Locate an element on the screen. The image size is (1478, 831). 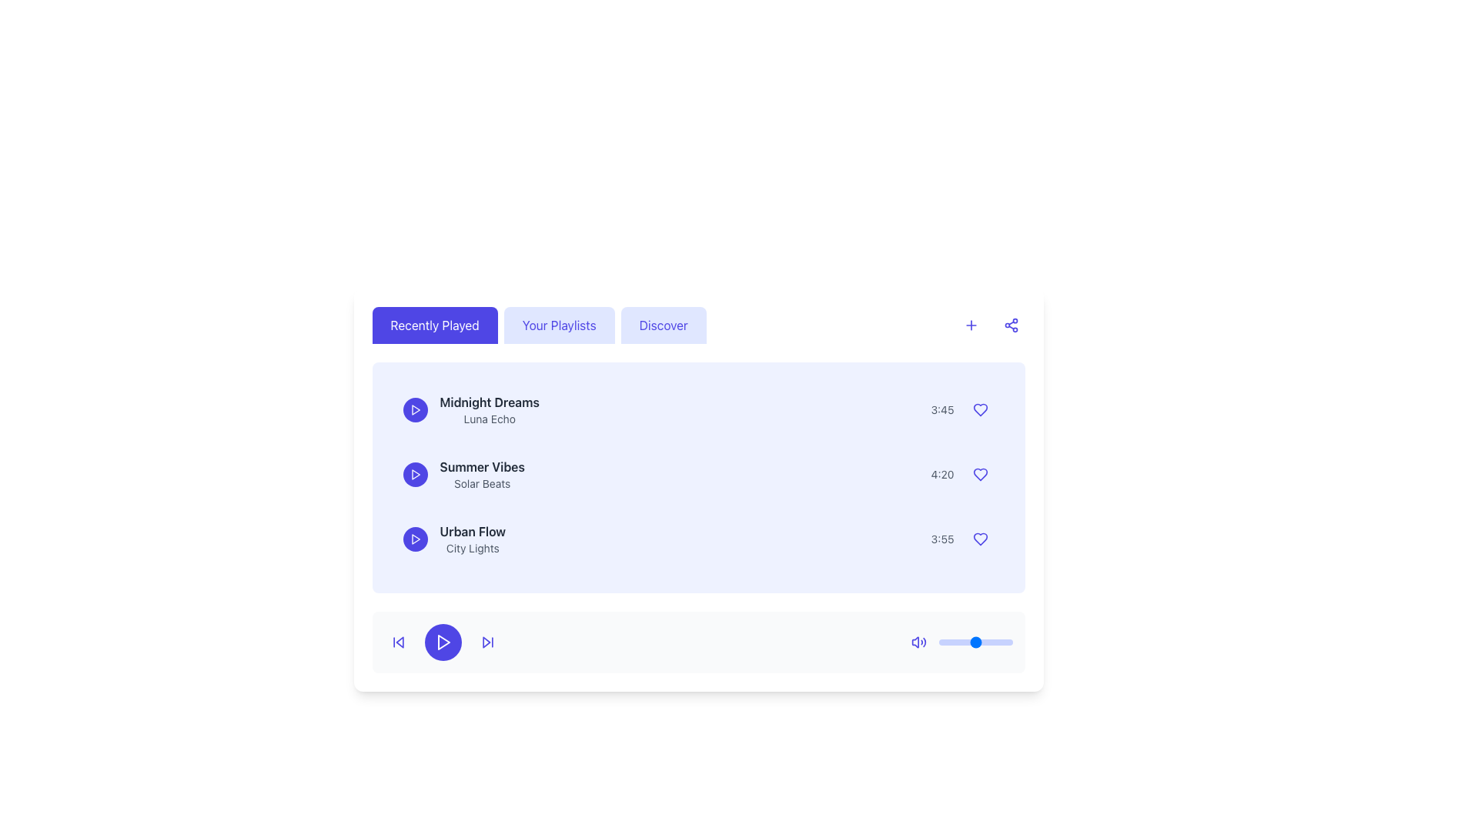
the slider is located at coordinates (955, 642).